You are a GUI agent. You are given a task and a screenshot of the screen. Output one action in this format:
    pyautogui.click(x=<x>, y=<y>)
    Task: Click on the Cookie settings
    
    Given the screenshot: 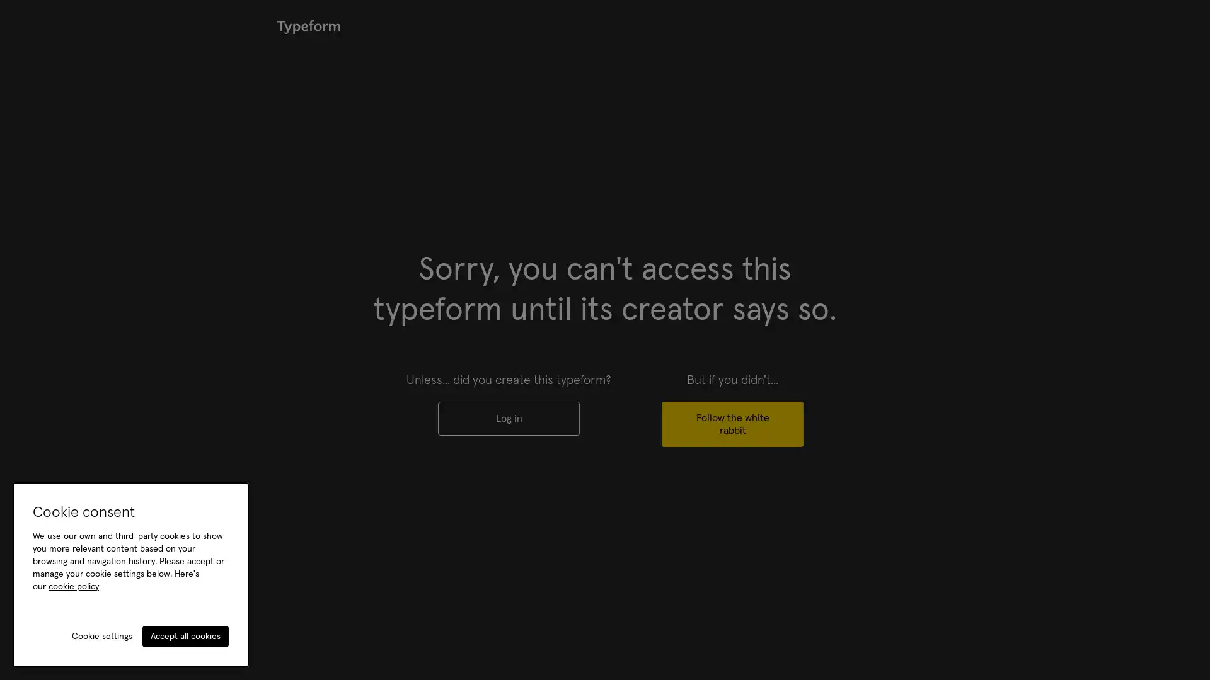 What is the action you would take?
    pyautogui.click(x=102, y=636)
    